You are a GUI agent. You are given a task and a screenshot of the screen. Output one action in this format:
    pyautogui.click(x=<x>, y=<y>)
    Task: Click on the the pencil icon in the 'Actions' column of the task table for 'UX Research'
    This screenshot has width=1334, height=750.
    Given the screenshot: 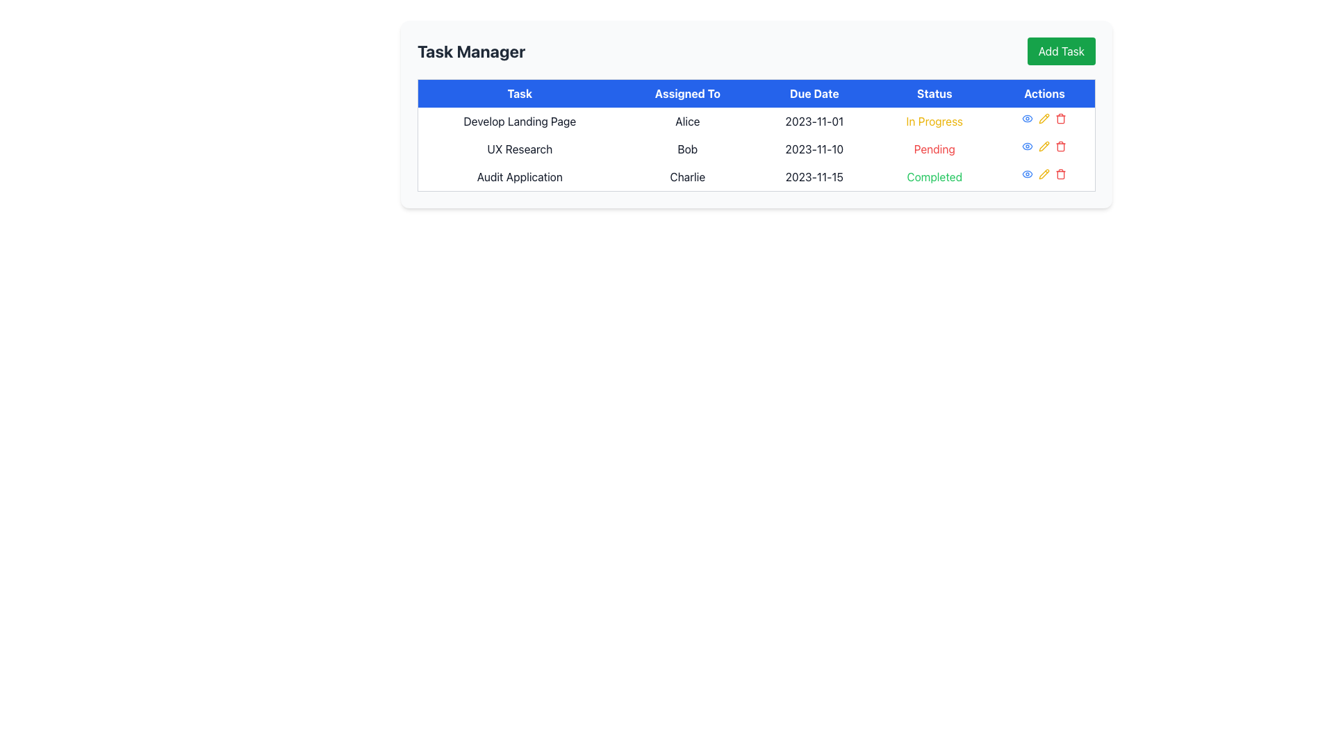 What is the action you would take?
    pyautogui.click(x=1044, y=117)
    